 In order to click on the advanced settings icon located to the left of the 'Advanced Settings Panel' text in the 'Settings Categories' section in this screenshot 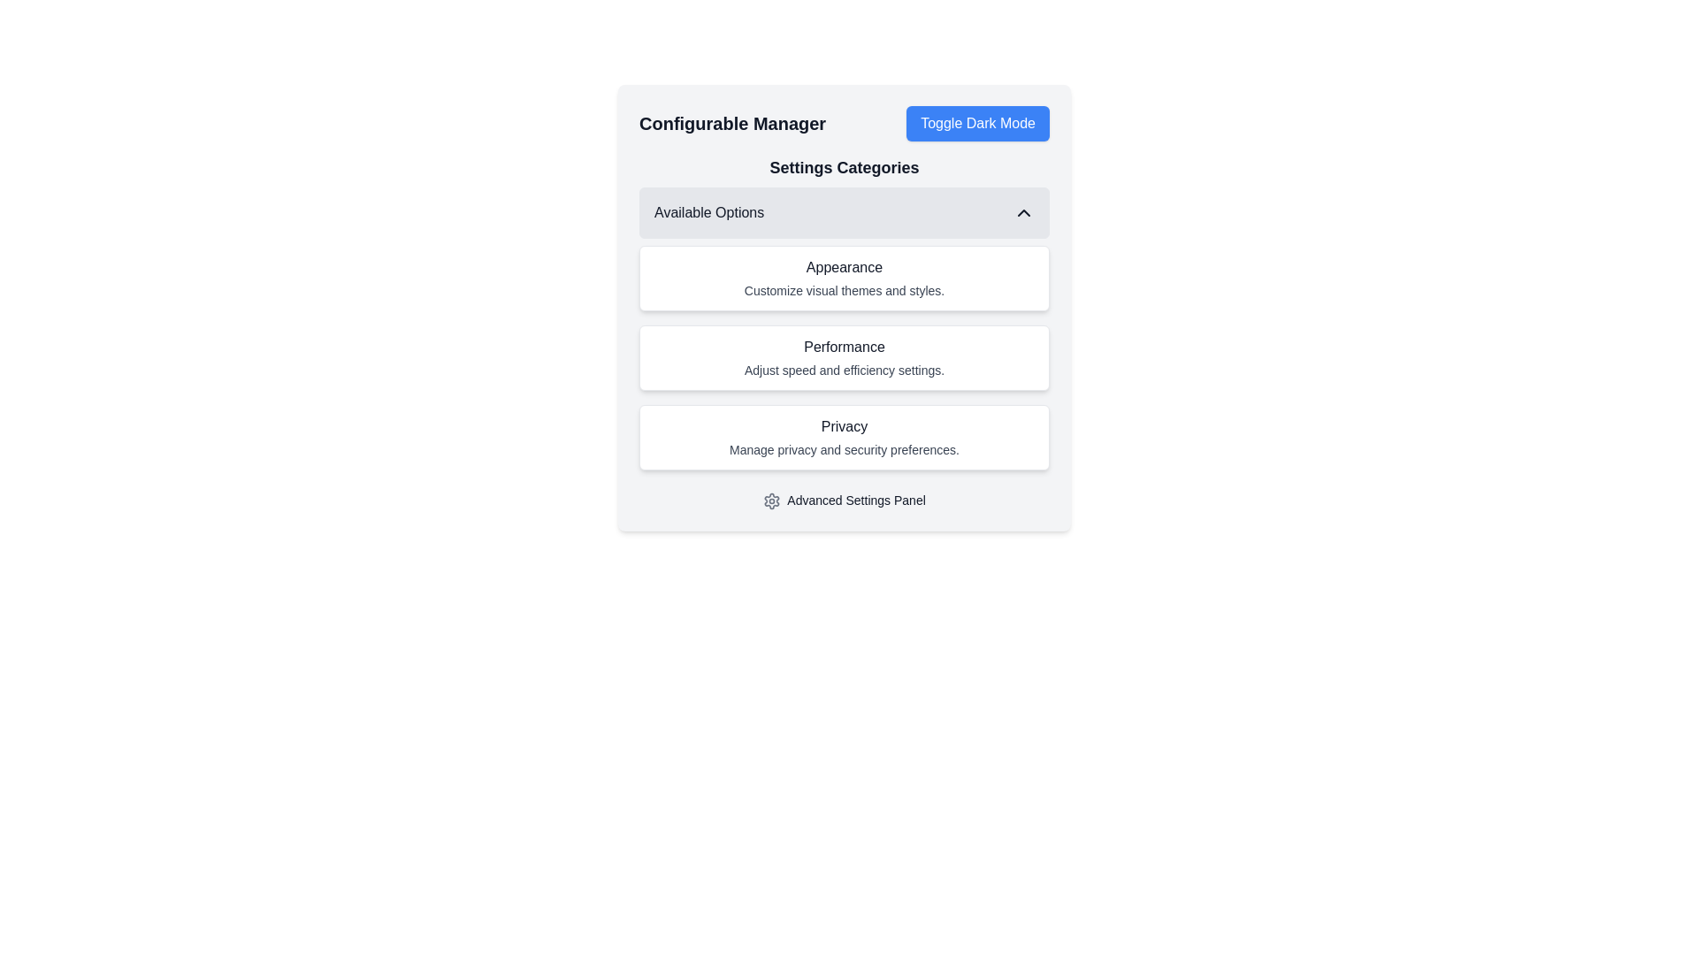, I will do `click(772, 501)`.